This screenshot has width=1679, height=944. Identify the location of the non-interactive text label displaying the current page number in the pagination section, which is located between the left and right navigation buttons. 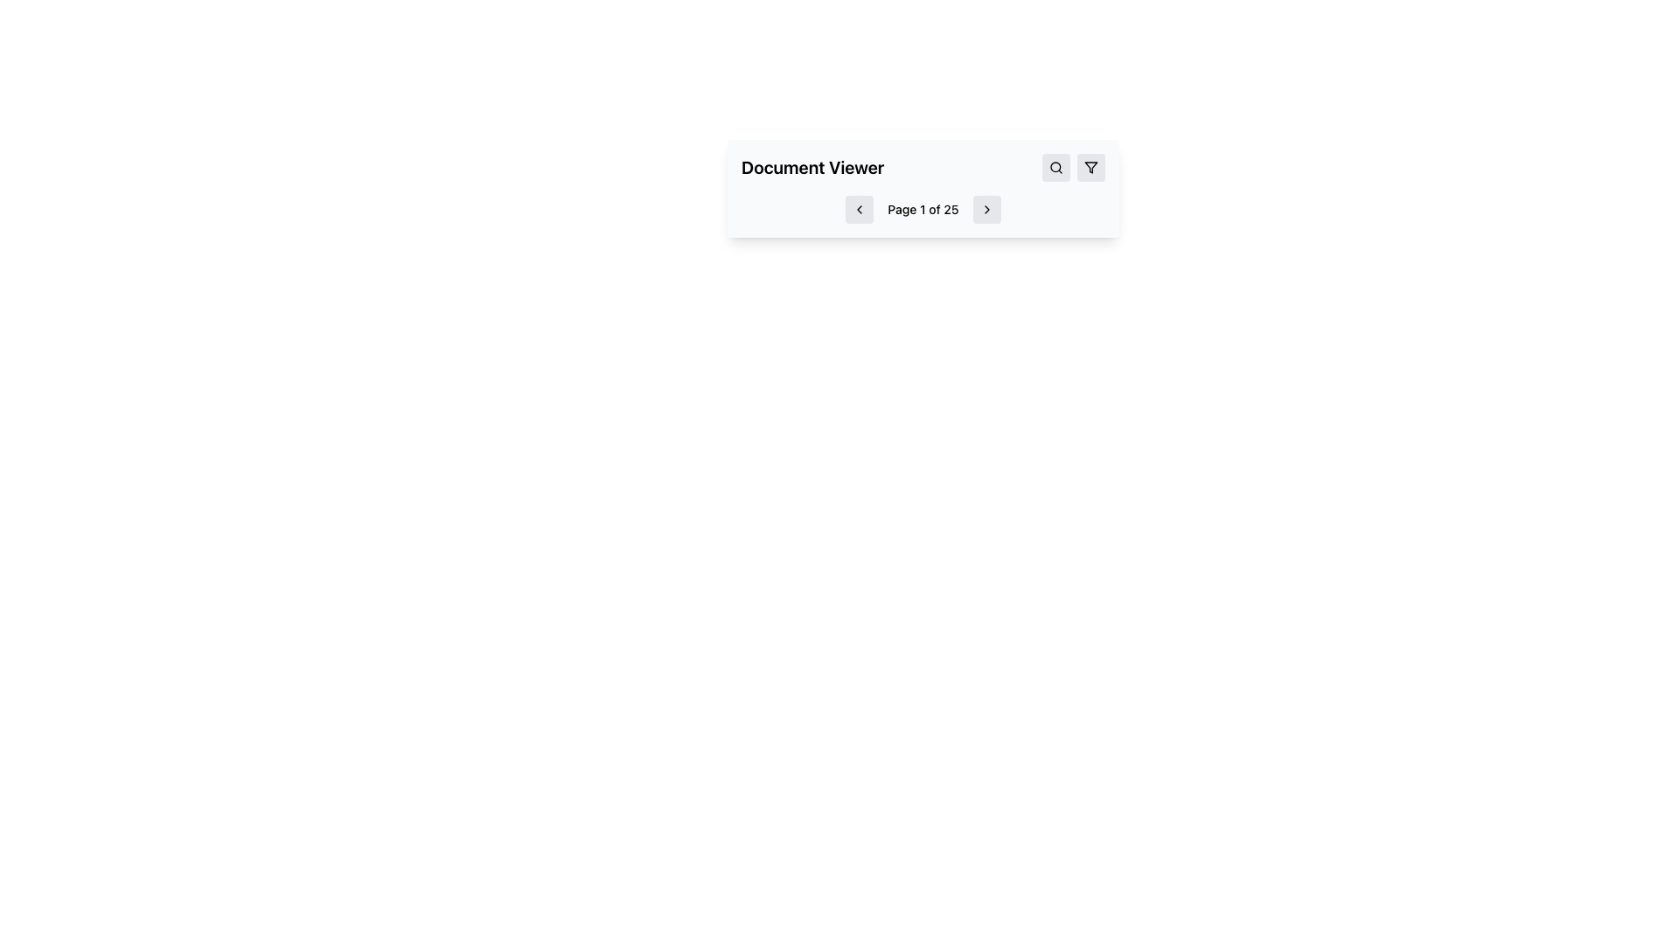
(923, 208).